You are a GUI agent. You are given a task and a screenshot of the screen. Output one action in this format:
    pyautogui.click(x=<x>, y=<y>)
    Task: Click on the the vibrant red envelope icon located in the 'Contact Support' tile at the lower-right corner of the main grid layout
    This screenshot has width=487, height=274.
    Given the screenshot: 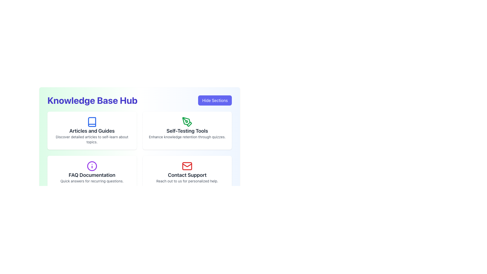 What is the action you would take?
    pyautogui.click(x=187, y=166)
    